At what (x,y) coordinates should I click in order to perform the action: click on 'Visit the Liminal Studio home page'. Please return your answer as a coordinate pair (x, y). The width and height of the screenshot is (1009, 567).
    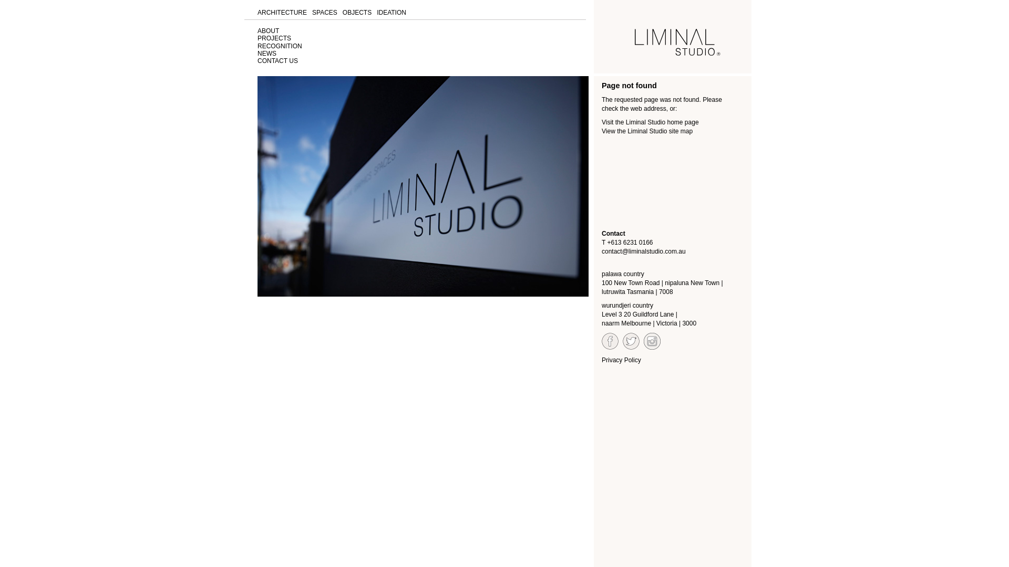
    Looking at the image, I should click on (650, 121).